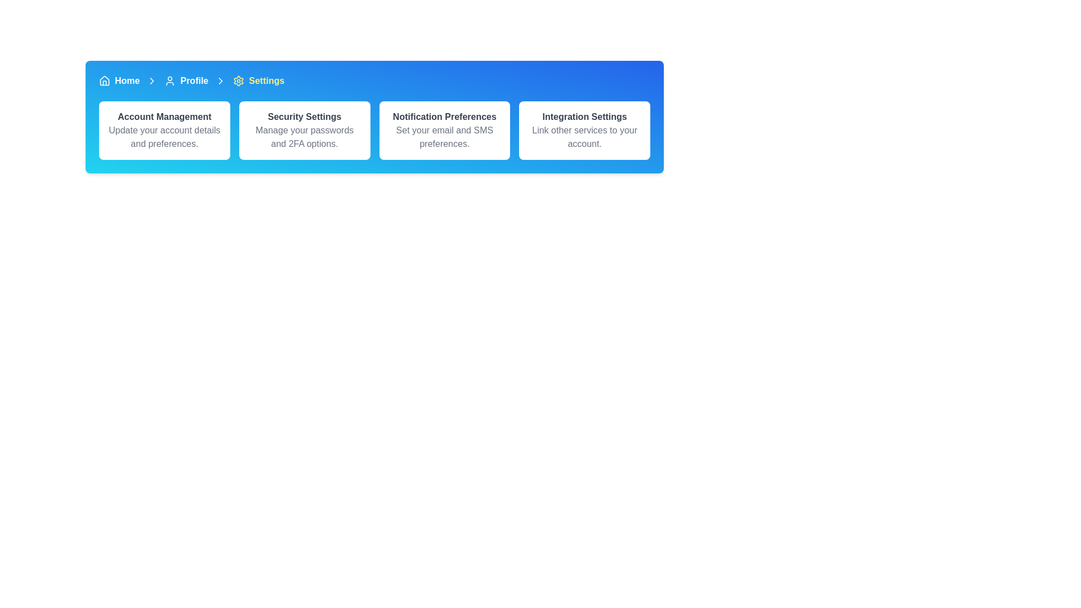  What do you see at coordinates (105, 79) in the screenshot?
I see `the house icon located in the navigation bar to the left of the 'Home' label` at bounding box center [105, 79].